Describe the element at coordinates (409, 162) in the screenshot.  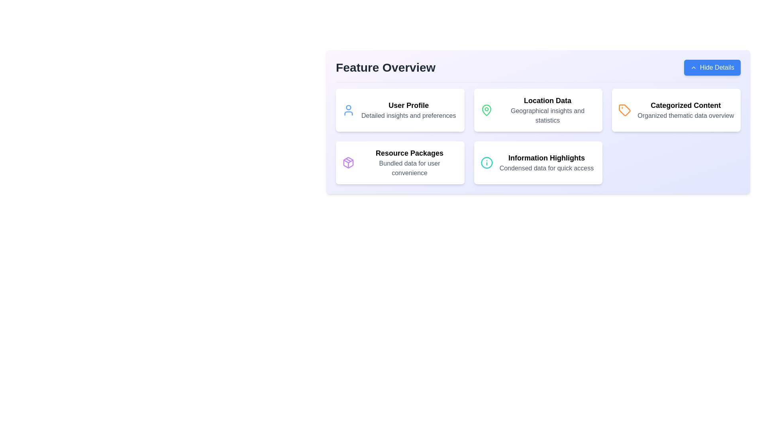
I see `the Text display element that provides information about 'Resource Packages', located in the third panel of the second row, below 'User Profile' and to the left of 'Location Data'` at that location.